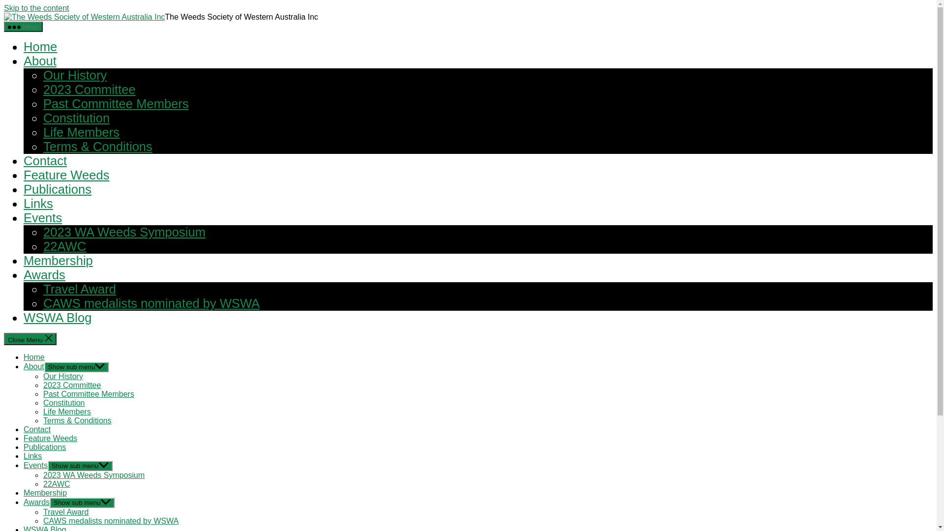 The height and width of the screenshot is (531, 944). What do you see at coordinates (88, 393) in the screenshot?
I see `'Past Committee Members'` at bounding box center [88, 393].